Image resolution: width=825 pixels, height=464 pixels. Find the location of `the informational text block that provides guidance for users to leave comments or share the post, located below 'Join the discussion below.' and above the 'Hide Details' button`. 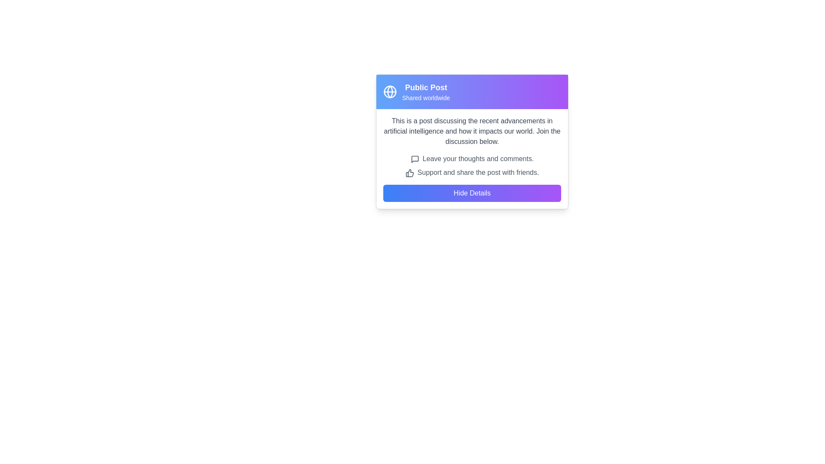

the informational text block that provides guidance for users to leave comments or share the post, located below 'Join the discussion below.' and above the 'Hide Details' button is located at coordinates (472, 165).